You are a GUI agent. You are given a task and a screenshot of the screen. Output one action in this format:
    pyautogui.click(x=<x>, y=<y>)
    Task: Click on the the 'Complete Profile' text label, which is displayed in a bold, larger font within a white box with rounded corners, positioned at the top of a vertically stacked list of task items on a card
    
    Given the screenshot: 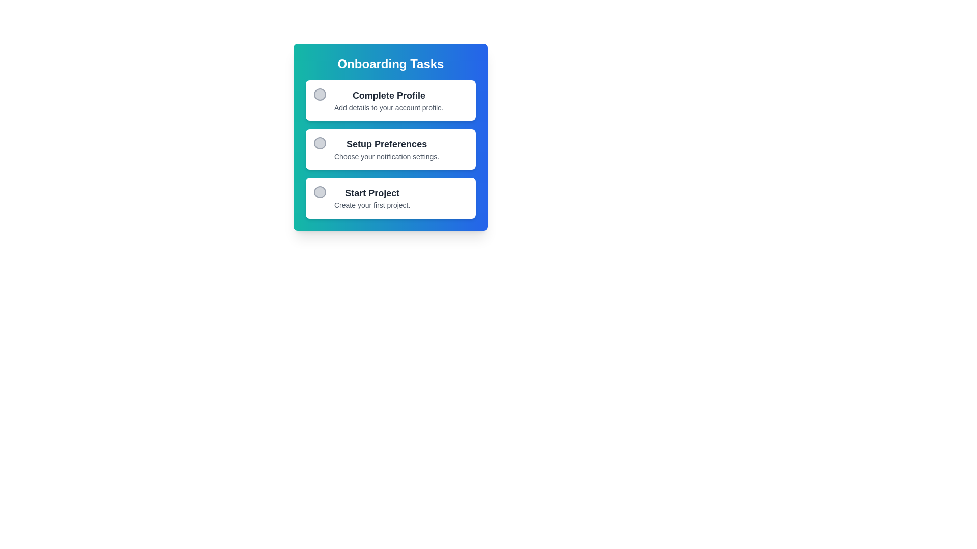 What is the action you would take?
    pyautogui.click(x=388, y=96)
    